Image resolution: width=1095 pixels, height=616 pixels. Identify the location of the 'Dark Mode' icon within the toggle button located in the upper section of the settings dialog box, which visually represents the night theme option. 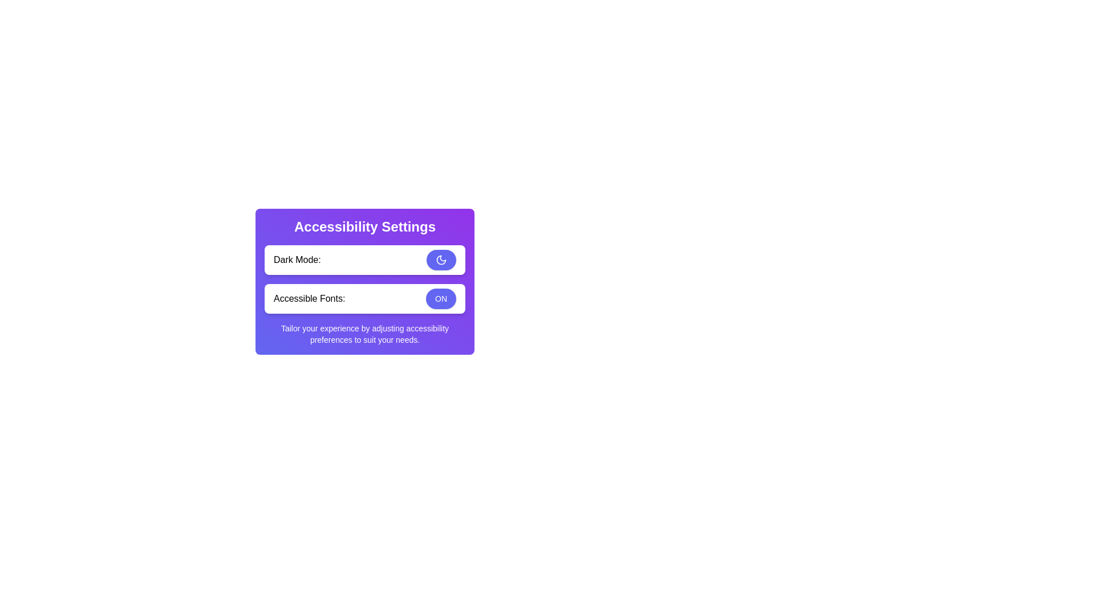
(440, 260).